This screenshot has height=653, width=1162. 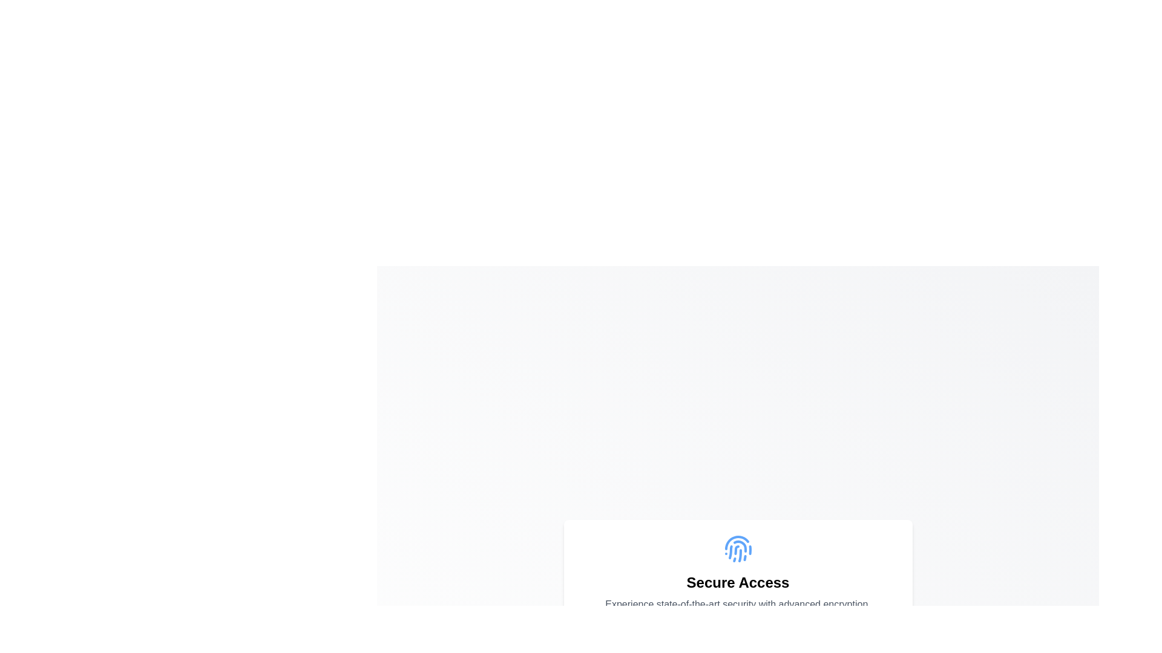 What do you see at coordinates (737, 604) in the screenshot?
I see `the static text block displaying 'Experience state-of-the-art security with advanced encryption'` at bounding box center [737, 604].